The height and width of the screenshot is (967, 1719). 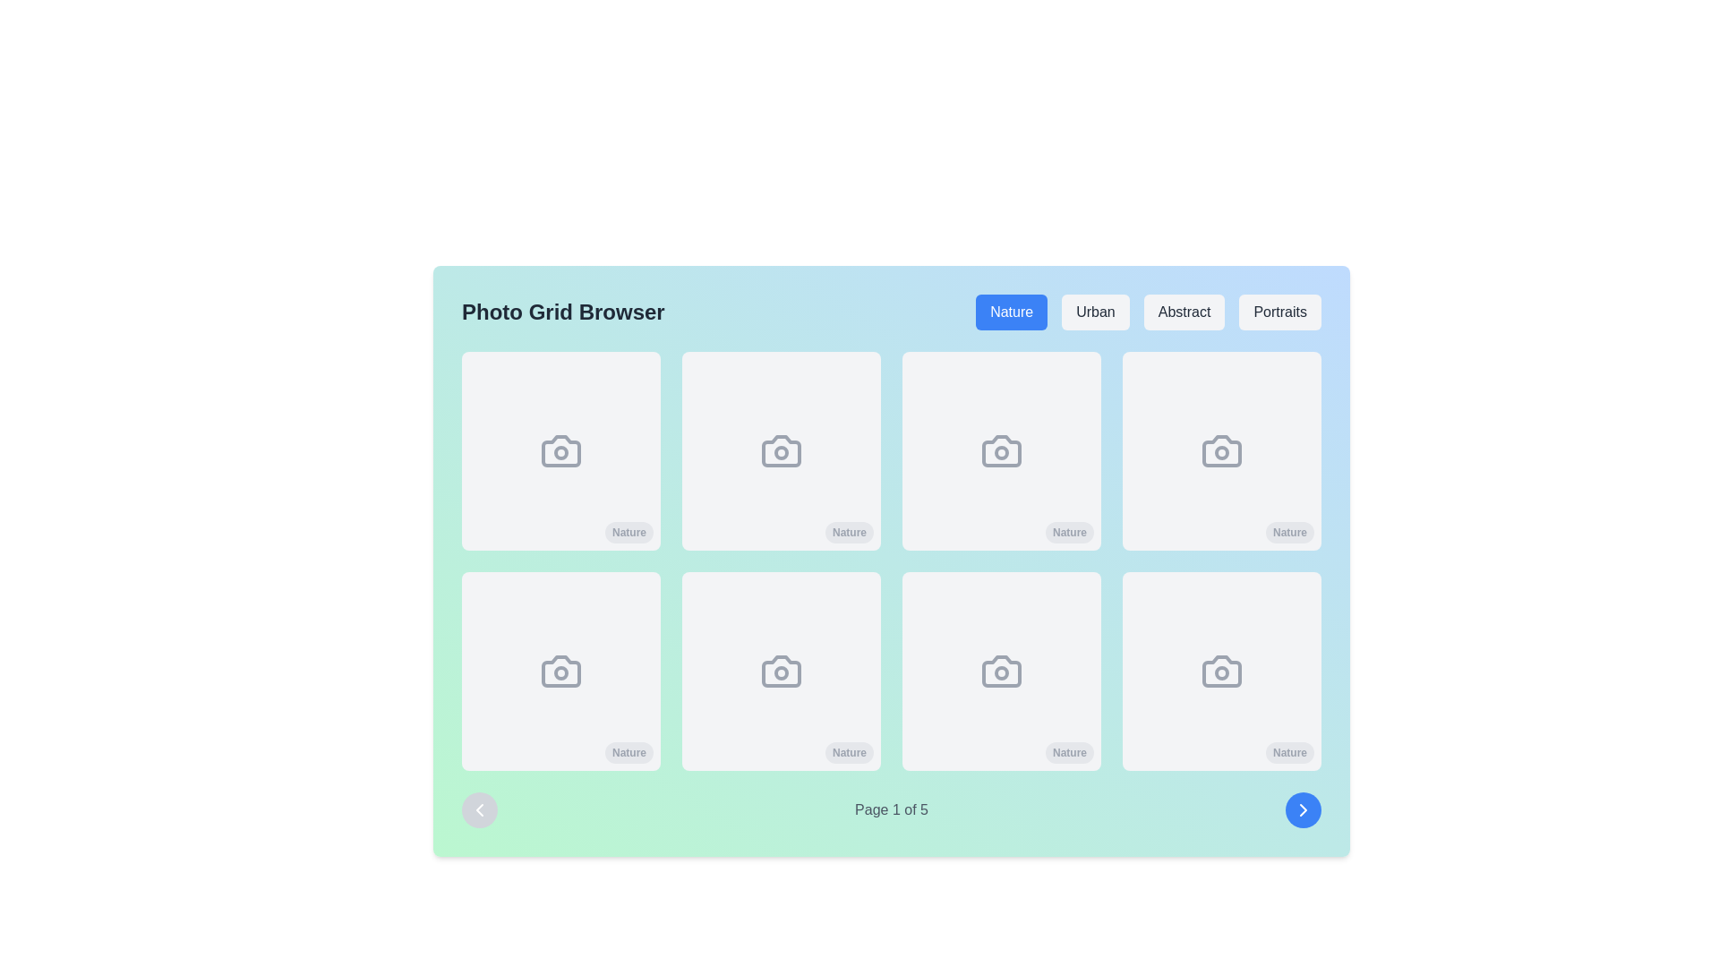 I want to click on the 'Nature' card in the photo grid interface, so click(x=560, y=671).